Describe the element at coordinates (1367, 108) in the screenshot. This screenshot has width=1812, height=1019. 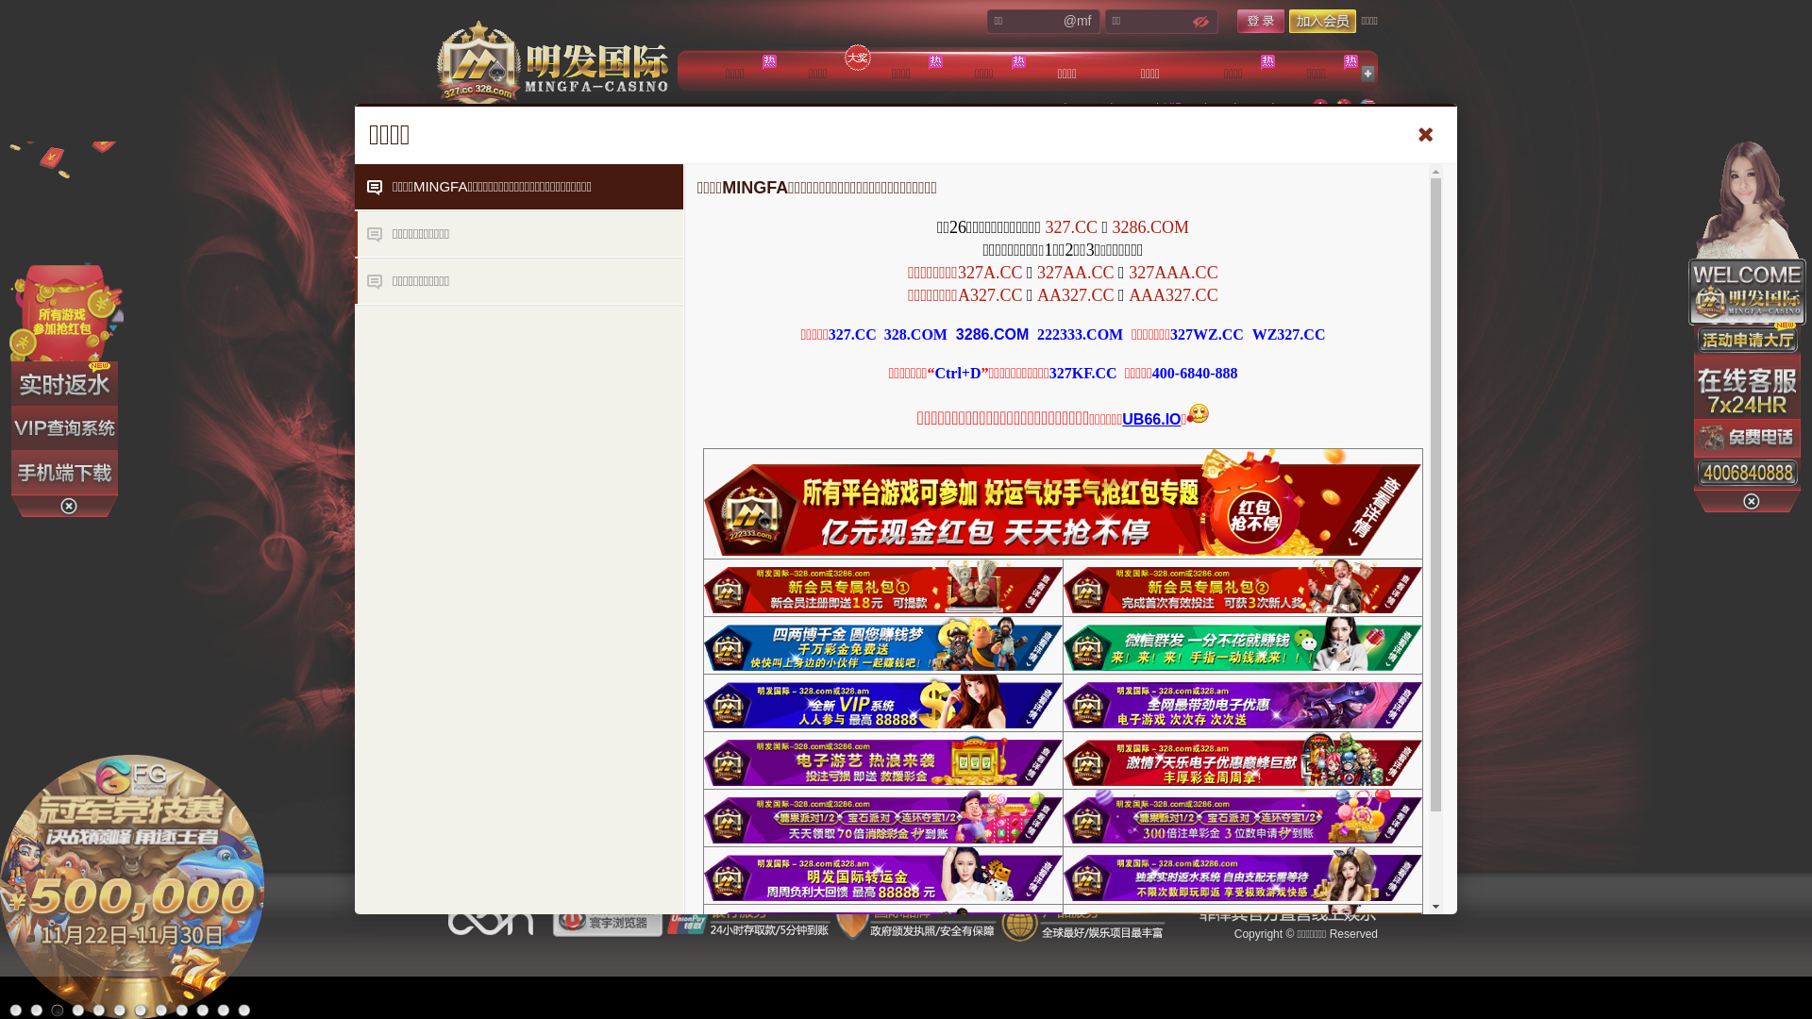
I see `'English'` at that location.